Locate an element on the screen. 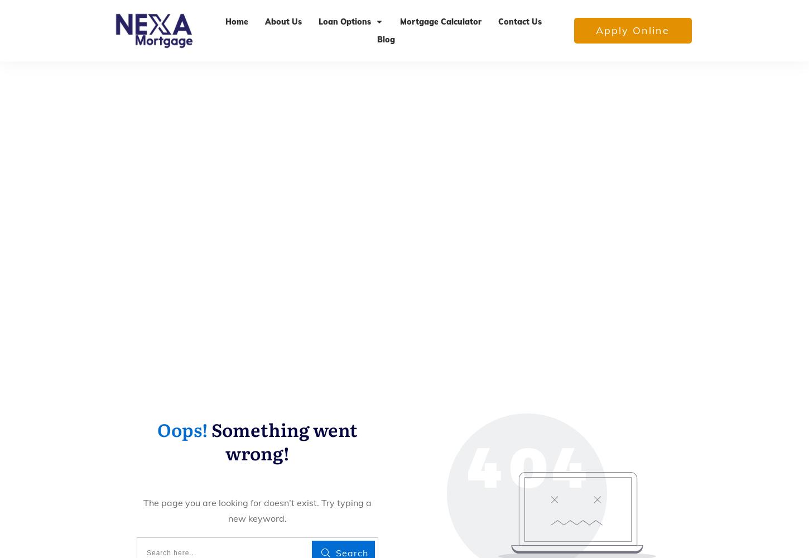  'Contact Us' is located at coordinates (519, 21).